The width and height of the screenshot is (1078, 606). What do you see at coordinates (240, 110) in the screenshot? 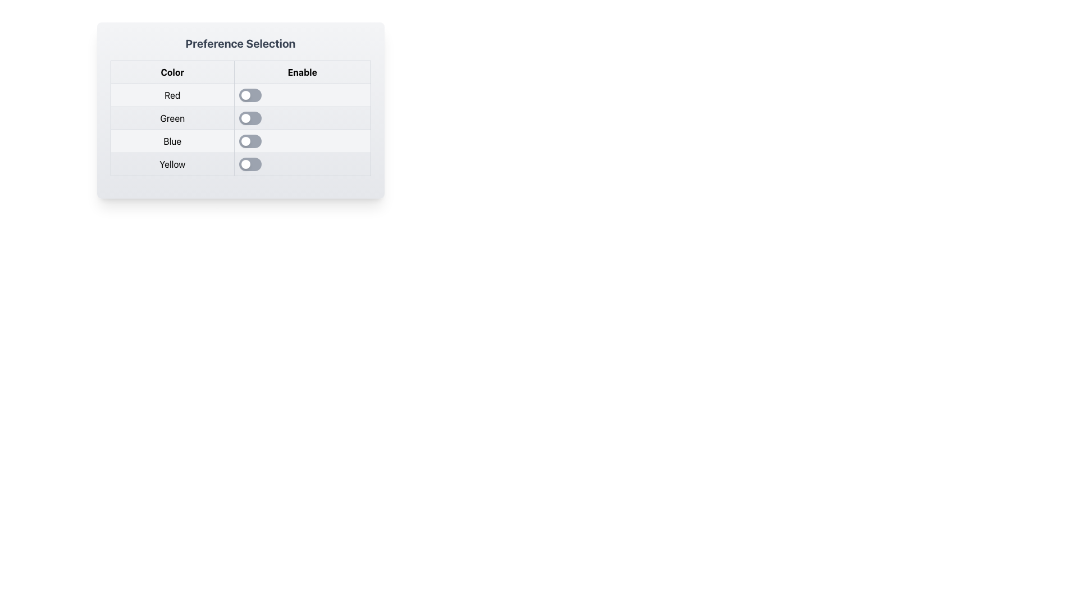
I see `the panel containing table elements and toggle switches, which has a gradient background and rounded corners` at bounding box center [240, 110].